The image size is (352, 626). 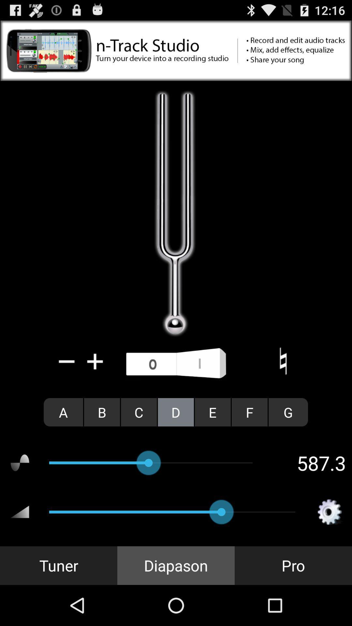 What do you see at coordinates (249, 412) in the screenshot?
I see `f item` at bounding box center [249, 412].